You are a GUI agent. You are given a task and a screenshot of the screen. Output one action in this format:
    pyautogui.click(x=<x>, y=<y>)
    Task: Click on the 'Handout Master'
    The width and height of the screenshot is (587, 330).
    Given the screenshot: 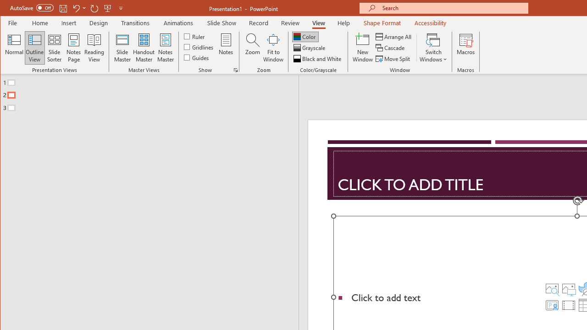 What is the action you would take?
    pyautogui.click(x=144, y=48)
    